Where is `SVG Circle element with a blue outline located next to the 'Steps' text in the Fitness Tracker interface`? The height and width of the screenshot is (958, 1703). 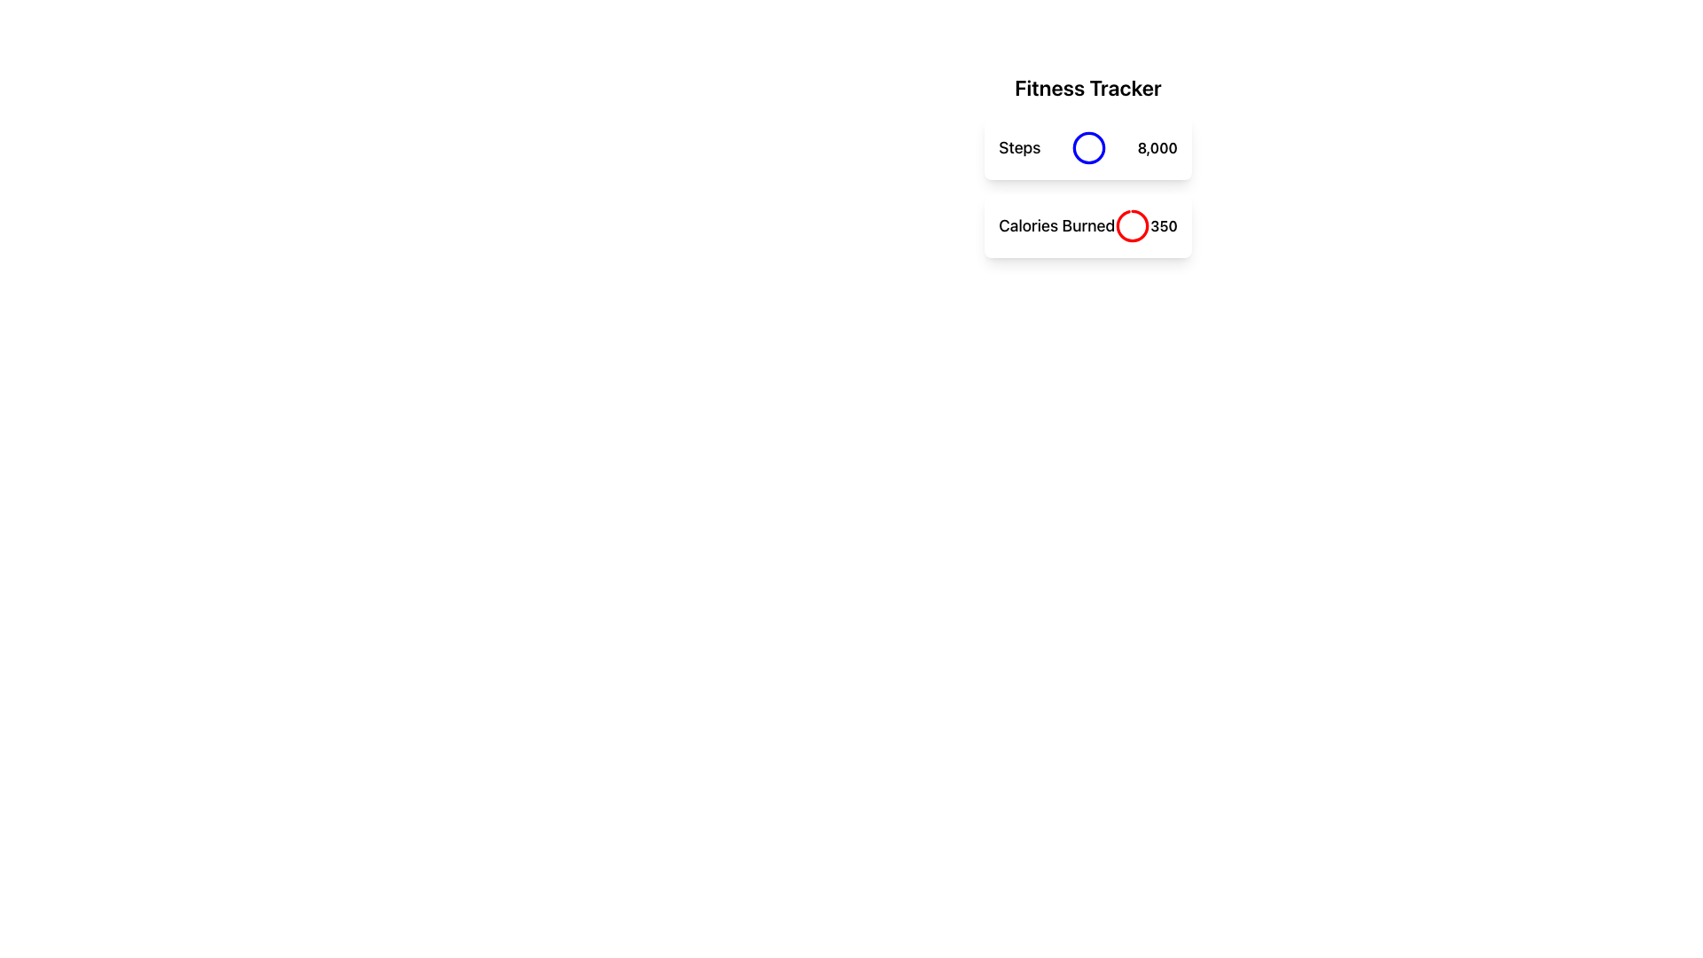
SVG Circle element with a blue outline located next to the 'Steps' text in the Fitness Tracker interface is located at coordinates (1088, 146).